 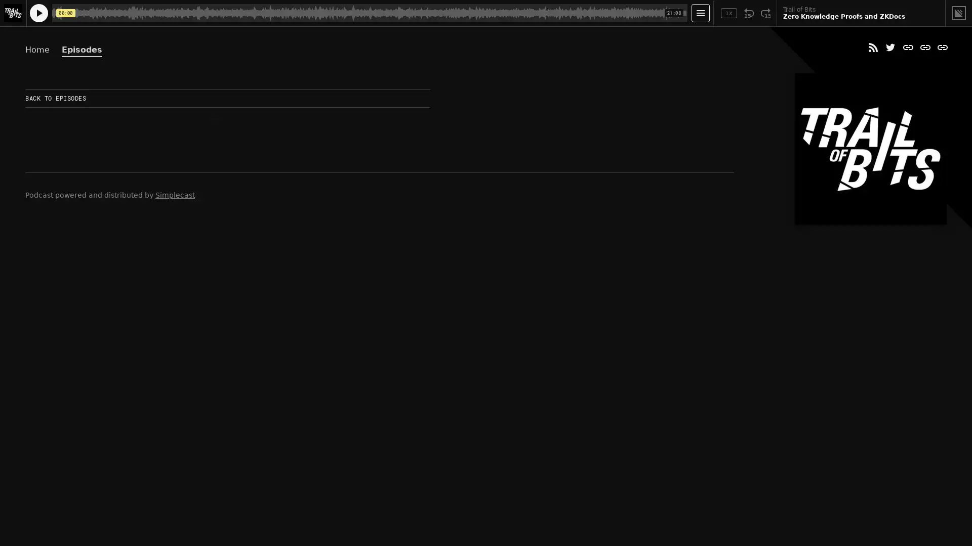 I want to click on Toggle Speed: Current Speed 1x, so click(x=729, y=13).